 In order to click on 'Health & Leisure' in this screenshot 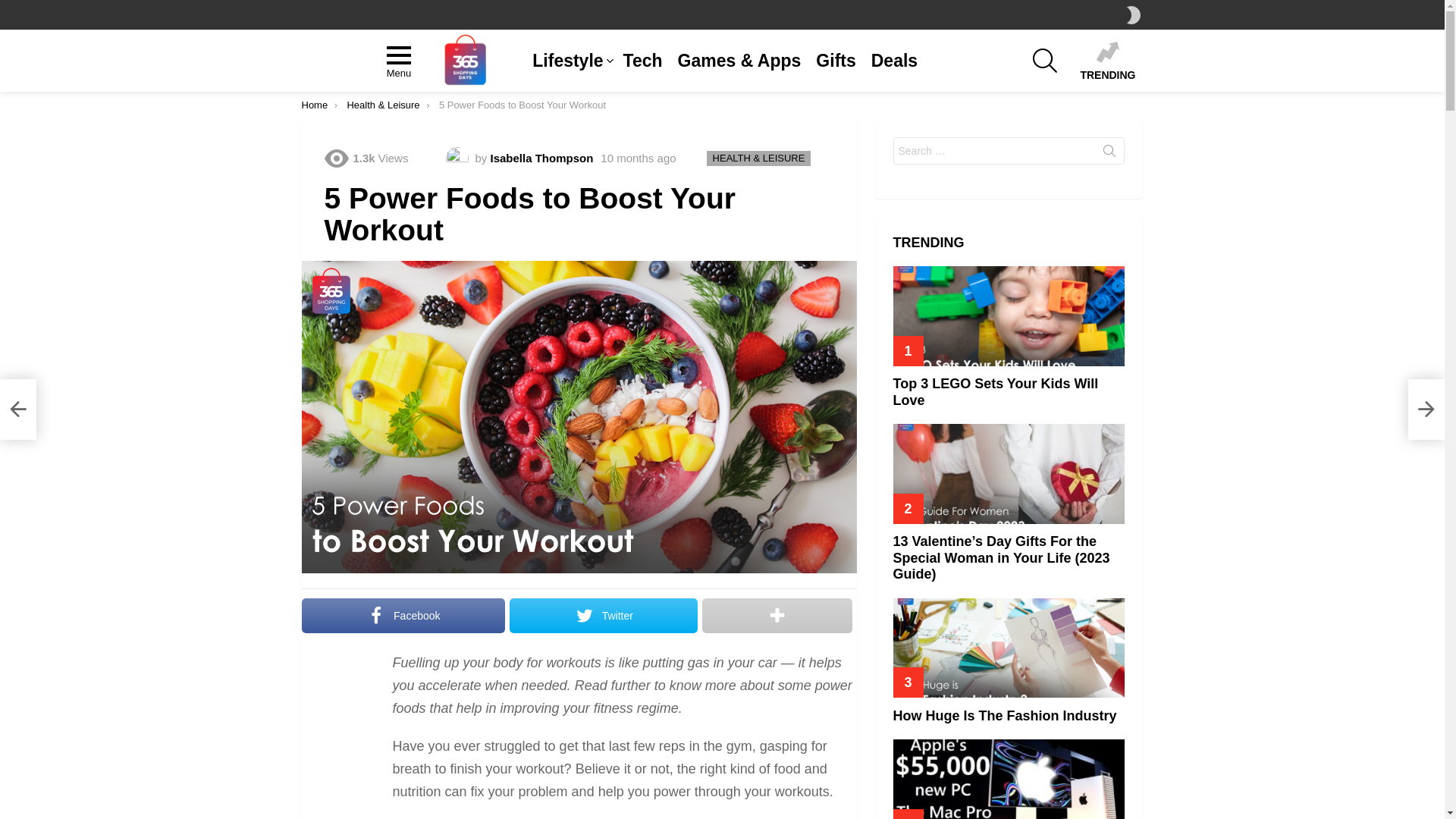, I will do `click(382, 104)`.